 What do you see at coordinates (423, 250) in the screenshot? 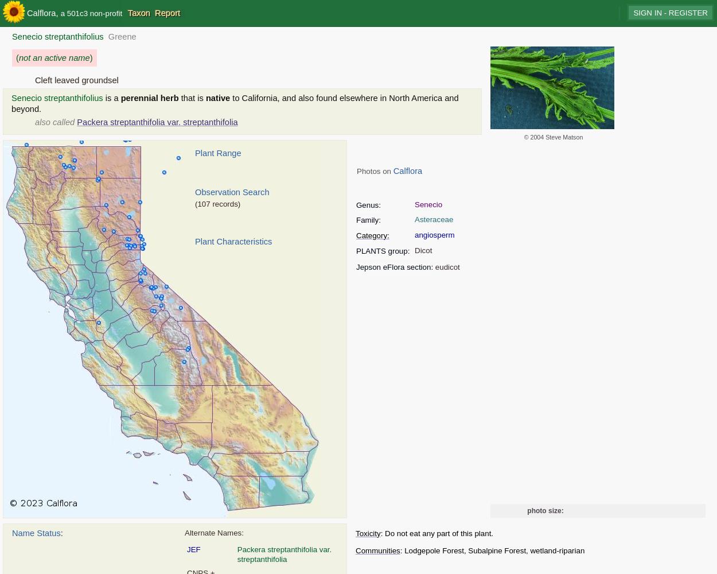
I see `'Dicot'` at bounding box center [423, 250].